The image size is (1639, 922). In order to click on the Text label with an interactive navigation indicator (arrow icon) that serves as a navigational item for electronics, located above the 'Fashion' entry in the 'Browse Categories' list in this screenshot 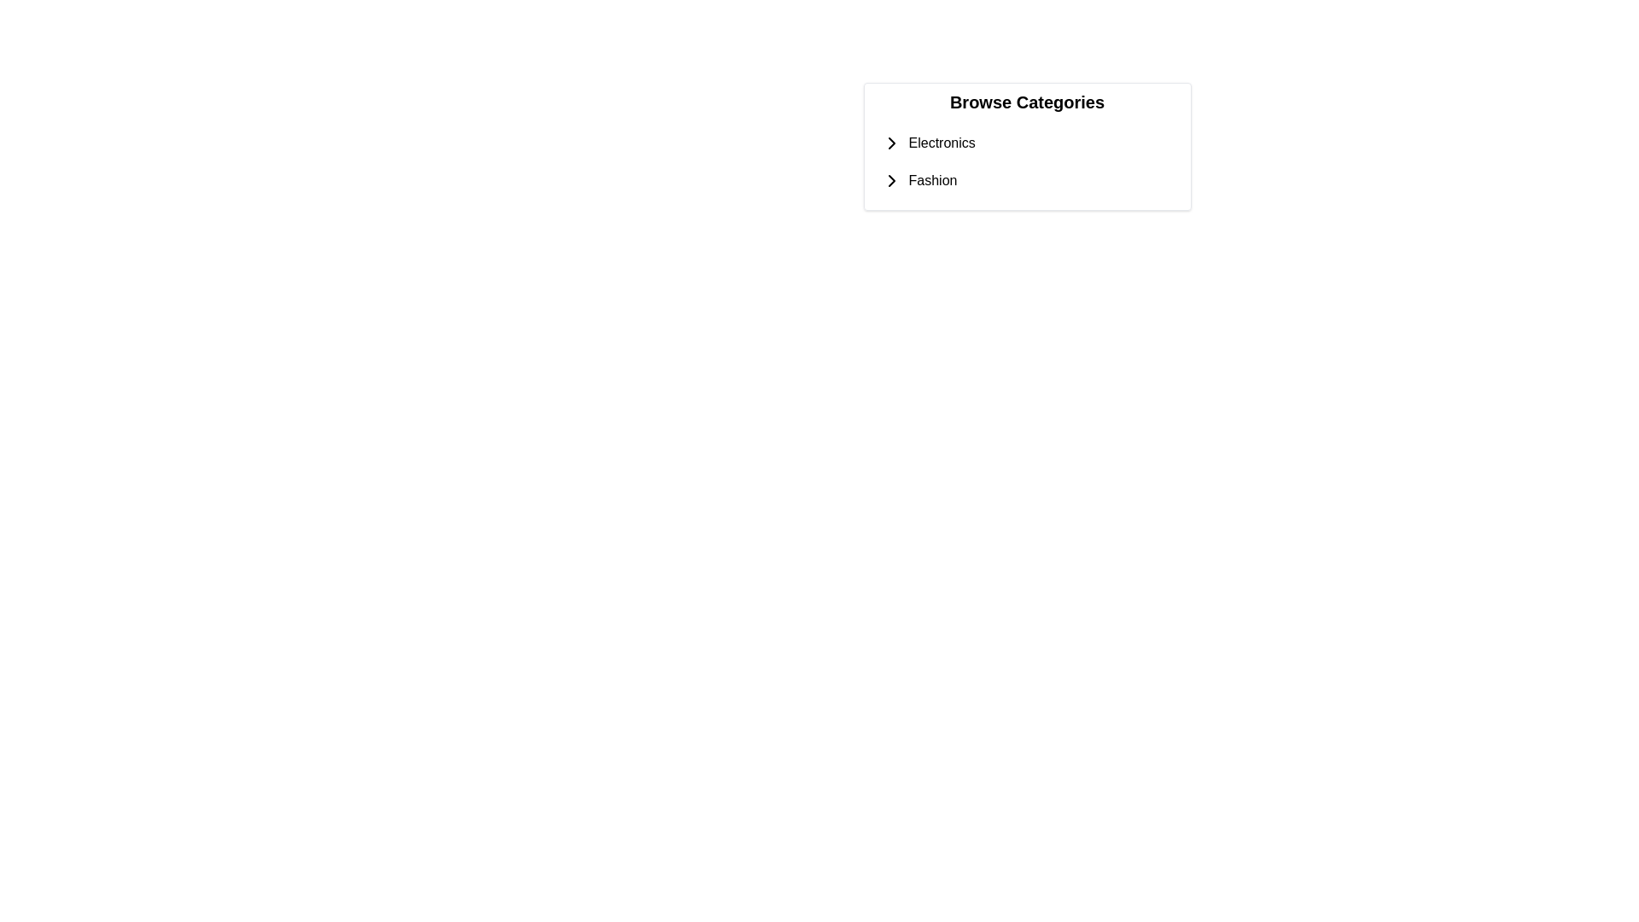, I will do `click(1026, 143)`.